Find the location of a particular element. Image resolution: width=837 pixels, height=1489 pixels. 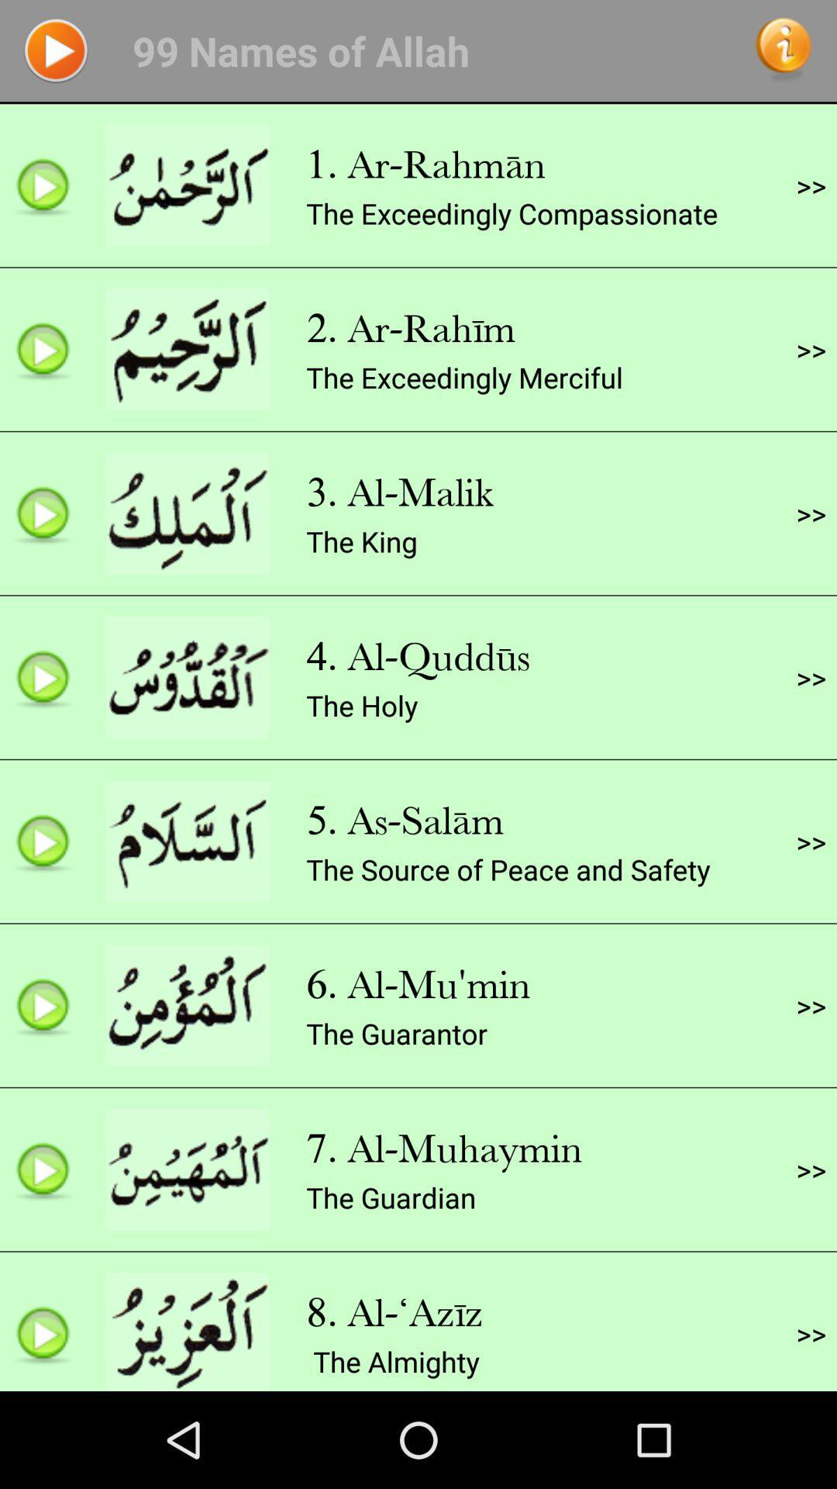

item below the >> is located at coordinates (810, 677).